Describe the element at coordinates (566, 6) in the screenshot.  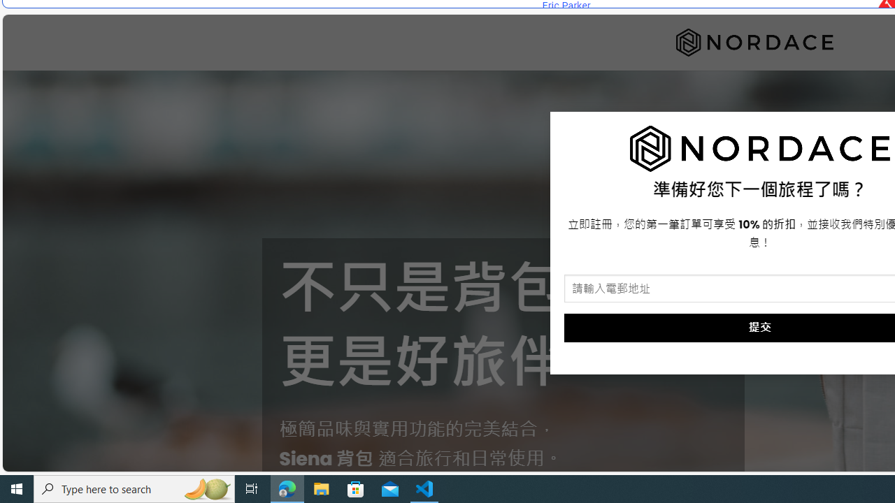
I see `'Eric Parker'` at that location.